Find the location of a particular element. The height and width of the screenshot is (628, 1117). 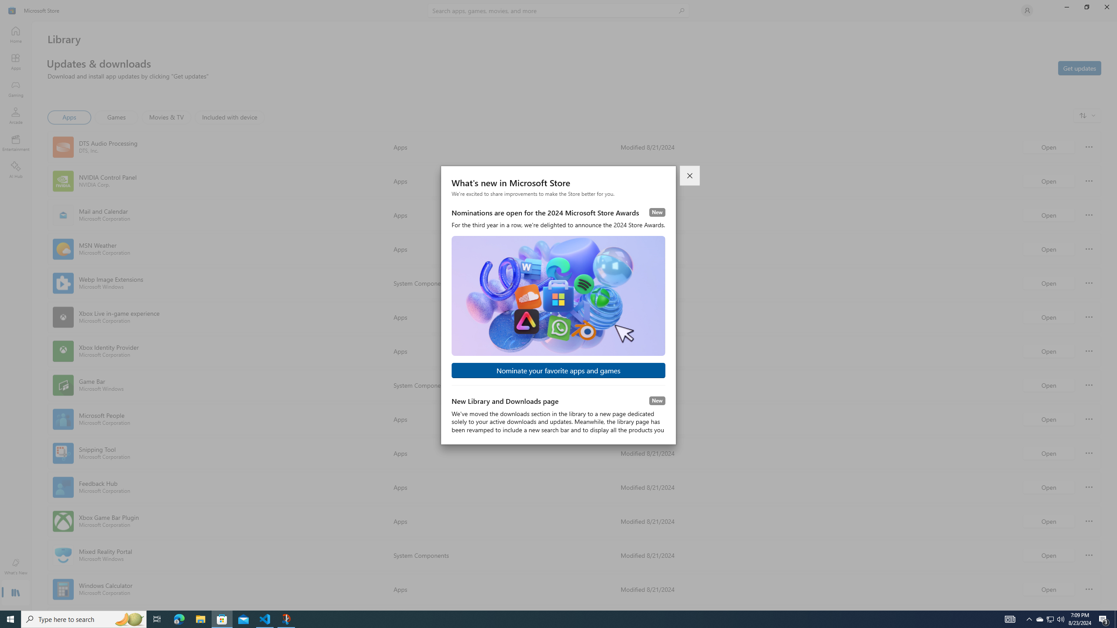

'Search' is located at coordinates (558, 10).